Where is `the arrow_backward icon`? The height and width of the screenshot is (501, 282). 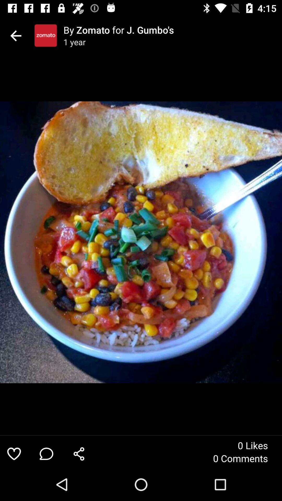
the arrow_backward icon is located at coordinates (15, 35).